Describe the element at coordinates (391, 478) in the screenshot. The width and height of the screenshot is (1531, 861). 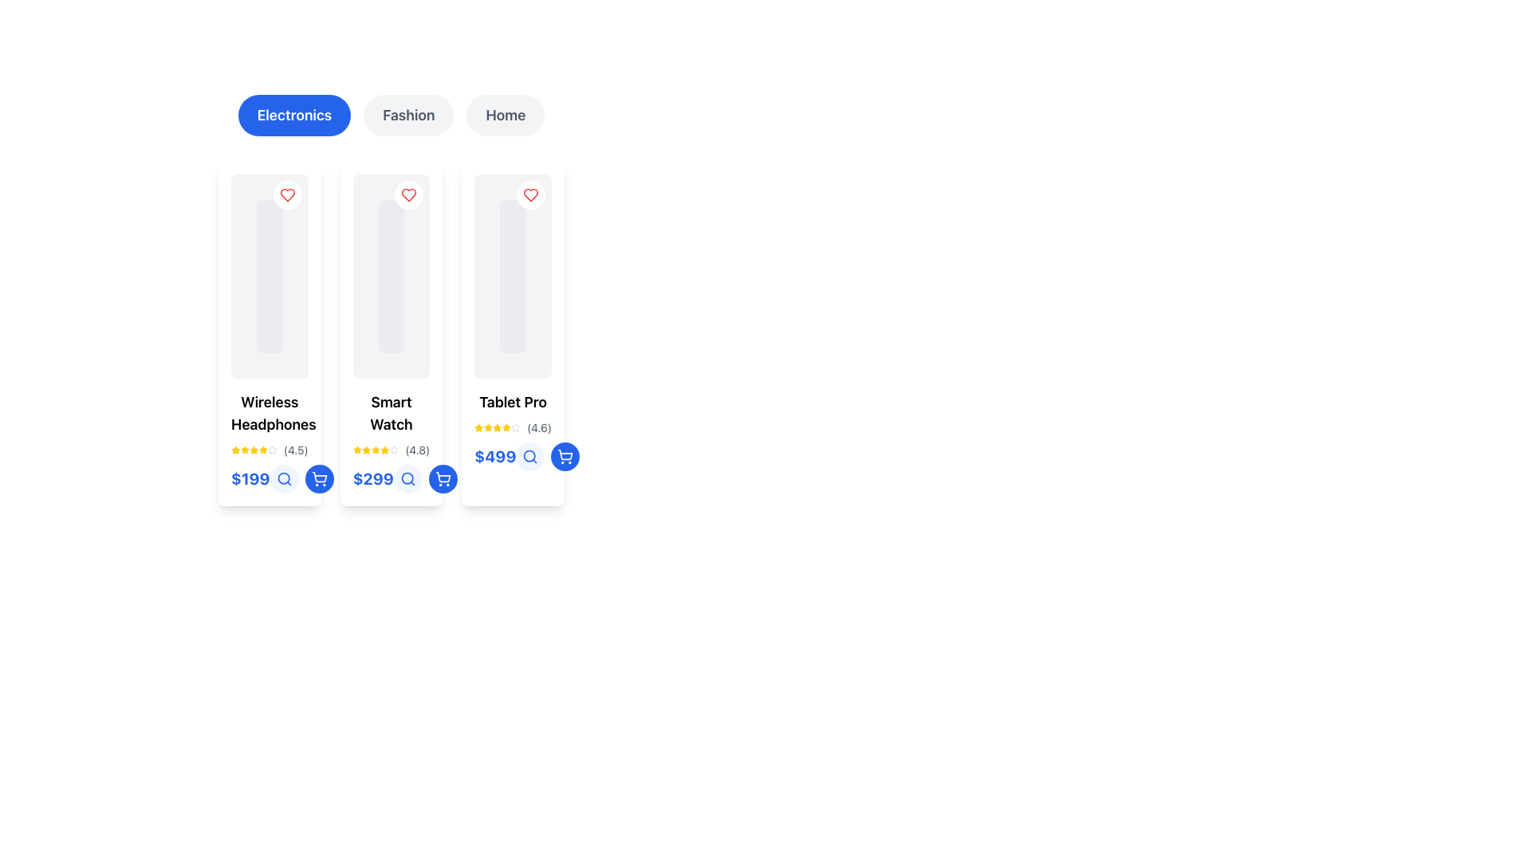
I see `the price tag indicating the cost of the 'Smart Watch' product, located at the bottom of the product card` at that location.